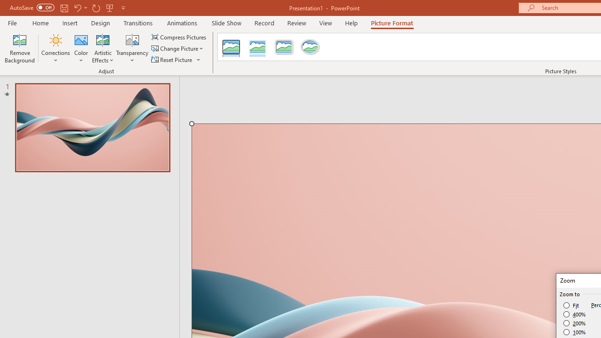 The height and width of the screenshot is (338, 601). What do you see at coordinates (310, 47) in the screenshot?
I see `'Metal Oval'` at bounding box center [310, 47].